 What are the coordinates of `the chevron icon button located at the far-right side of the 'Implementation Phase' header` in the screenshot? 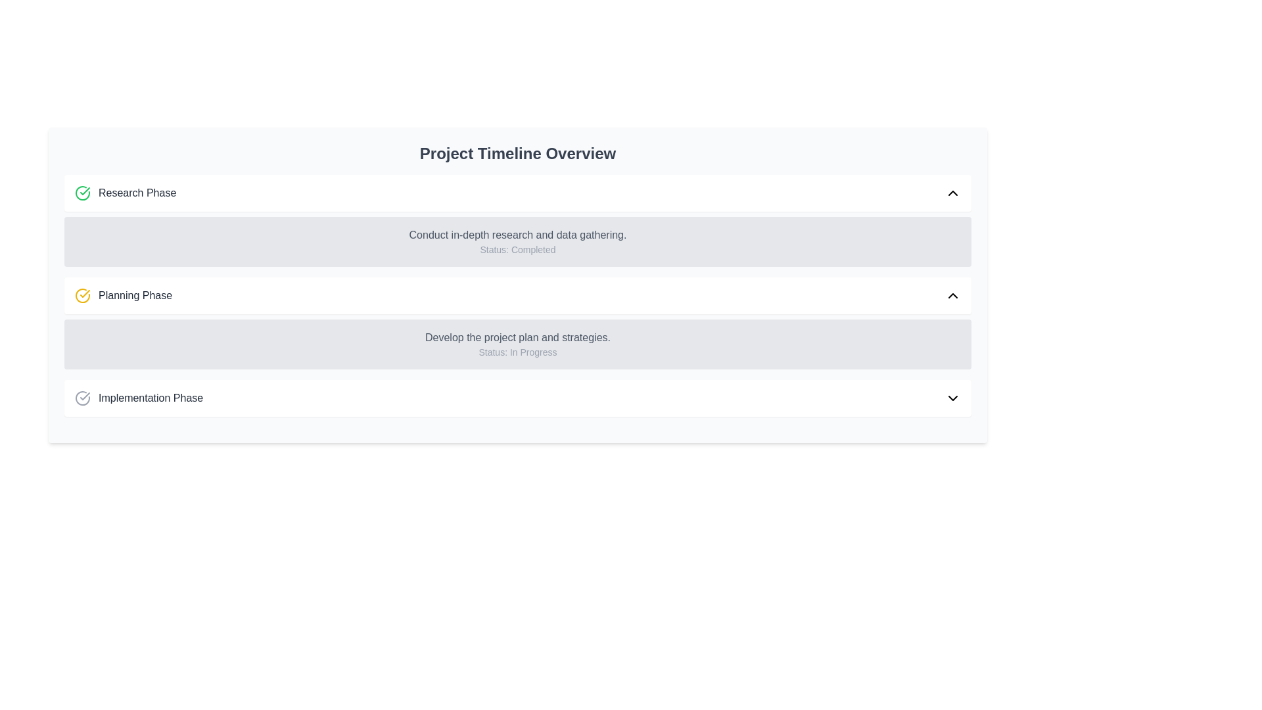 It's located at (952, 397).